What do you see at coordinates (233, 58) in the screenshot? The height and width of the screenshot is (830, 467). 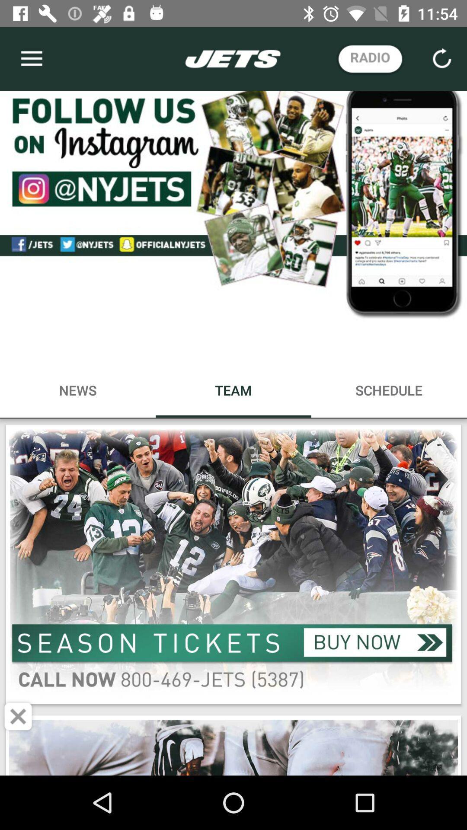 I see `the tittle text` at bounding box center [233, 58].